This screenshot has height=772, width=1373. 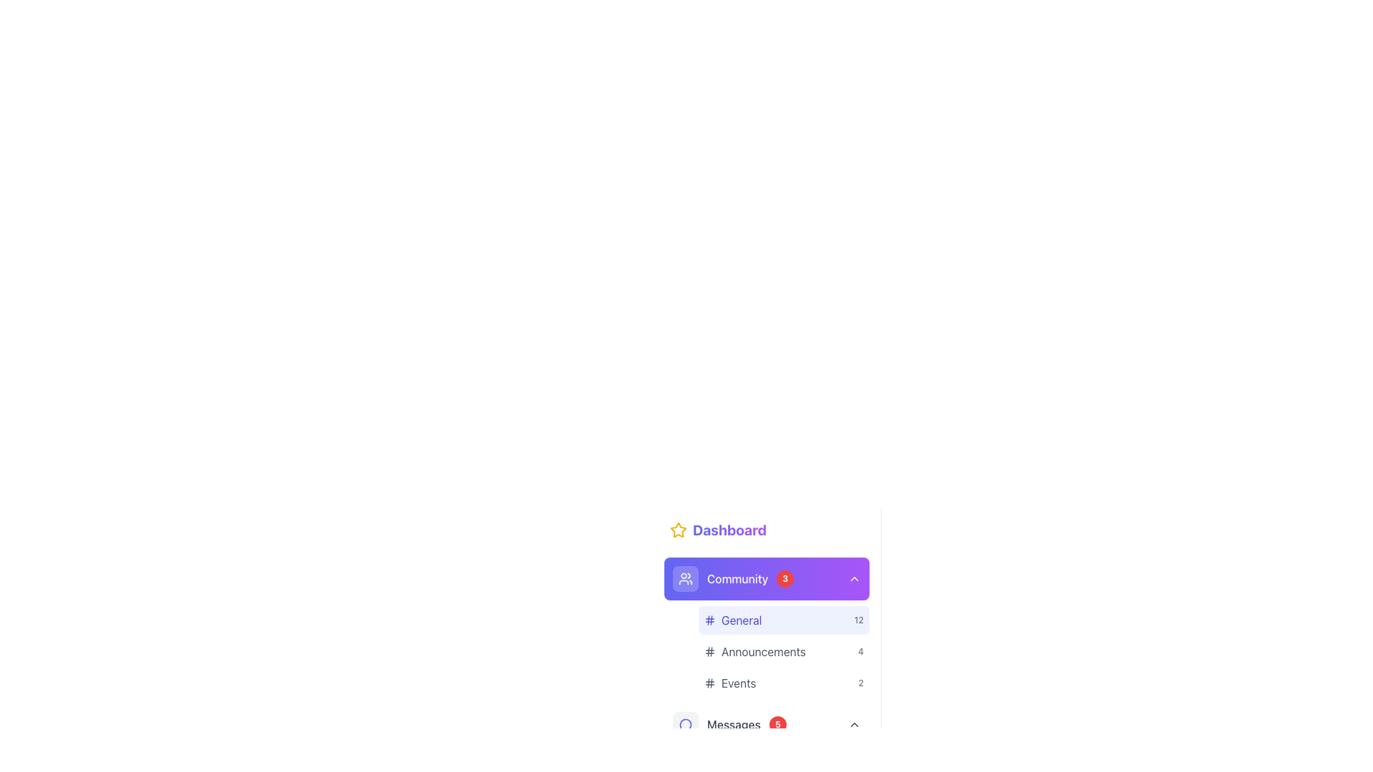 What do you see at coordinates (860, 683) in the screenshot?
I see `the small, light gray text displaying the number '2' located within the 'Events' entry in the list of community topics, positioned in the bottom center-right region of the displayed sidebar` at bounding box center [860, 683].